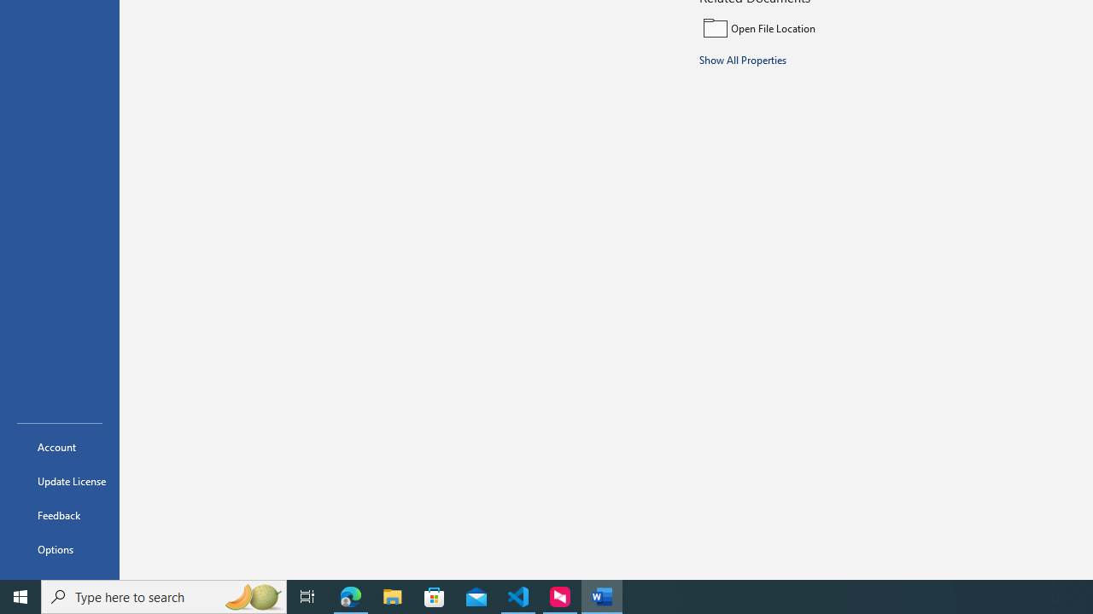 This screenshot has height=614, width=1093. Describe the element at coordinates (59, 481) in the screenshot. I see `'Update License'` at that location.